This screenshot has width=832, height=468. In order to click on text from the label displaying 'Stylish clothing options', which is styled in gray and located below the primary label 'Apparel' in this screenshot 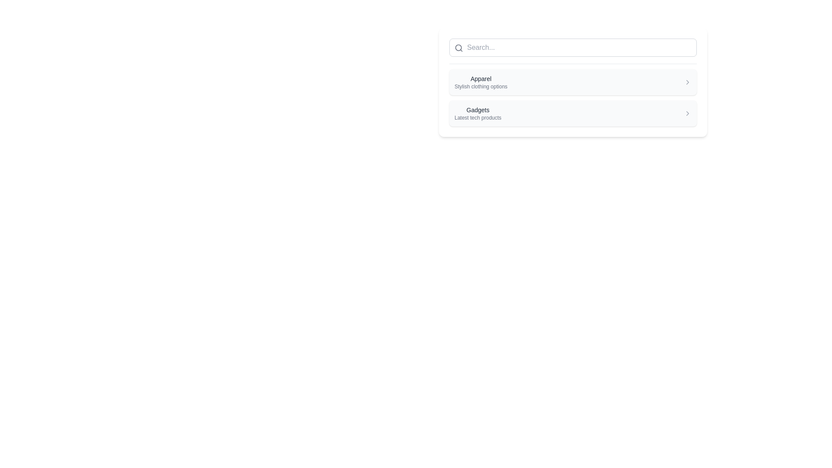, I will do `click(480, 87)`.